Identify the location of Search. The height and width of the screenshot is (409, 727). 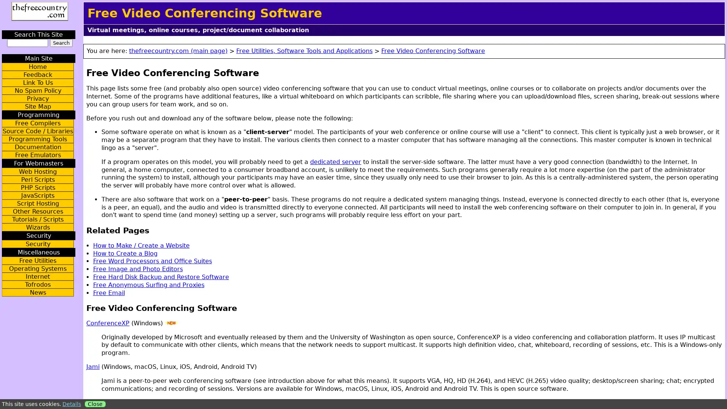
(61, 43).